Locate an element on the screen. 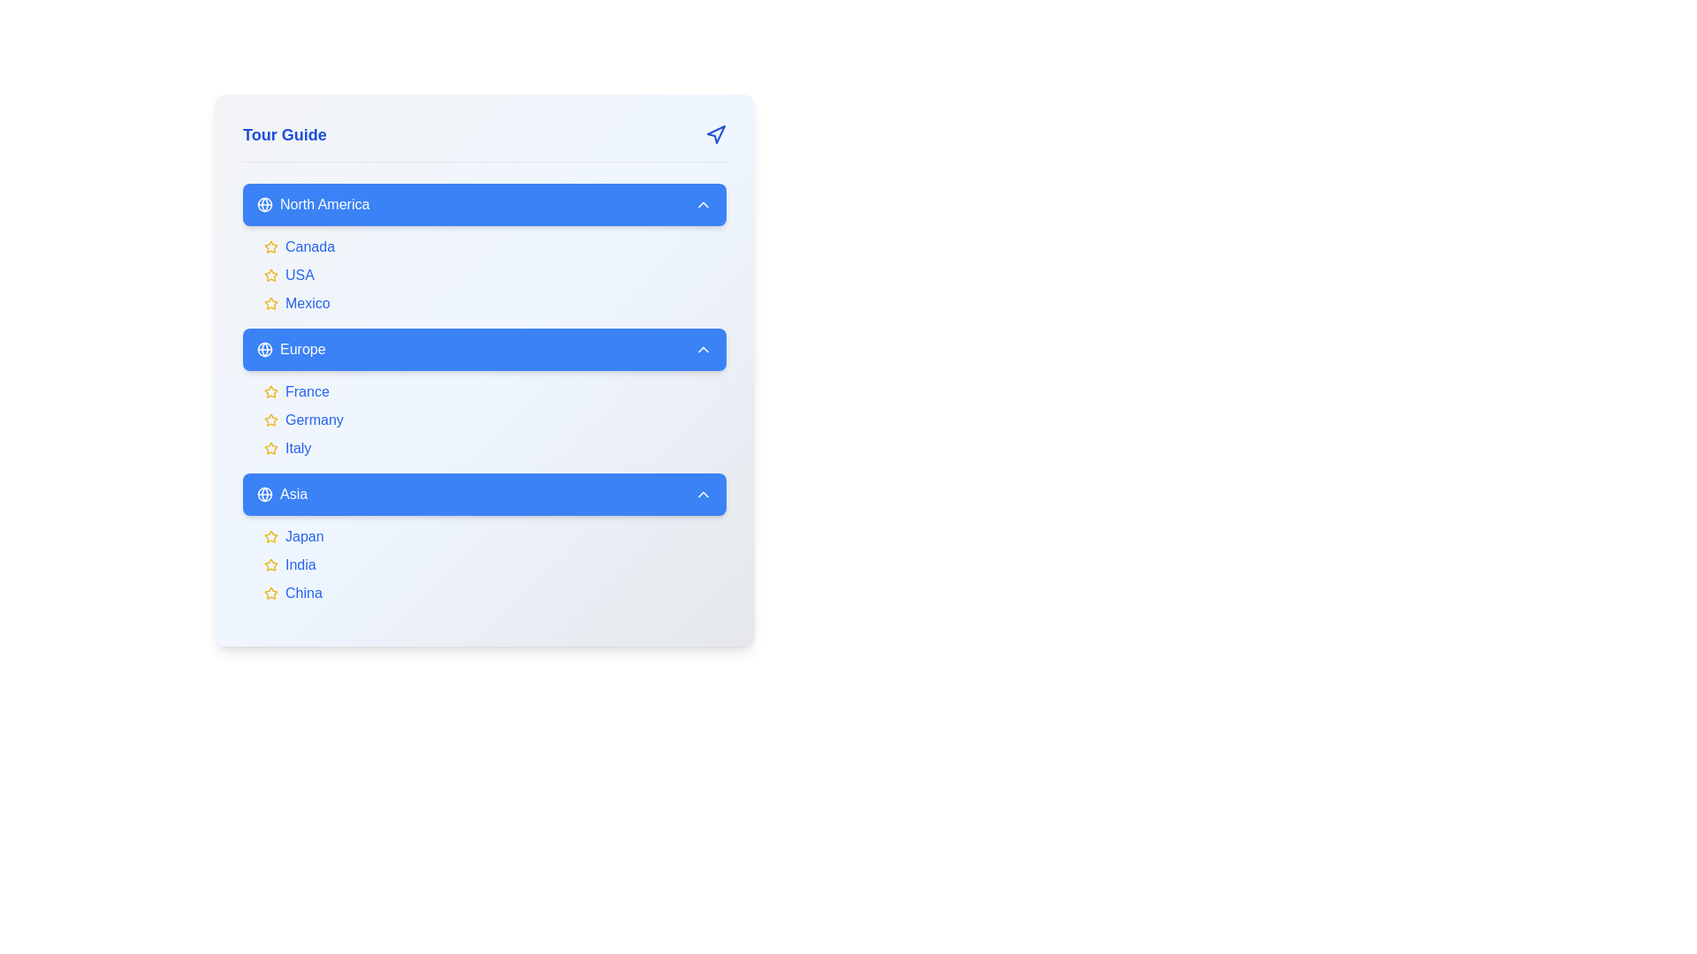  the star icon next to the 'Italy' list item under the 'Europe' heading is located at coordinates (270, 448).